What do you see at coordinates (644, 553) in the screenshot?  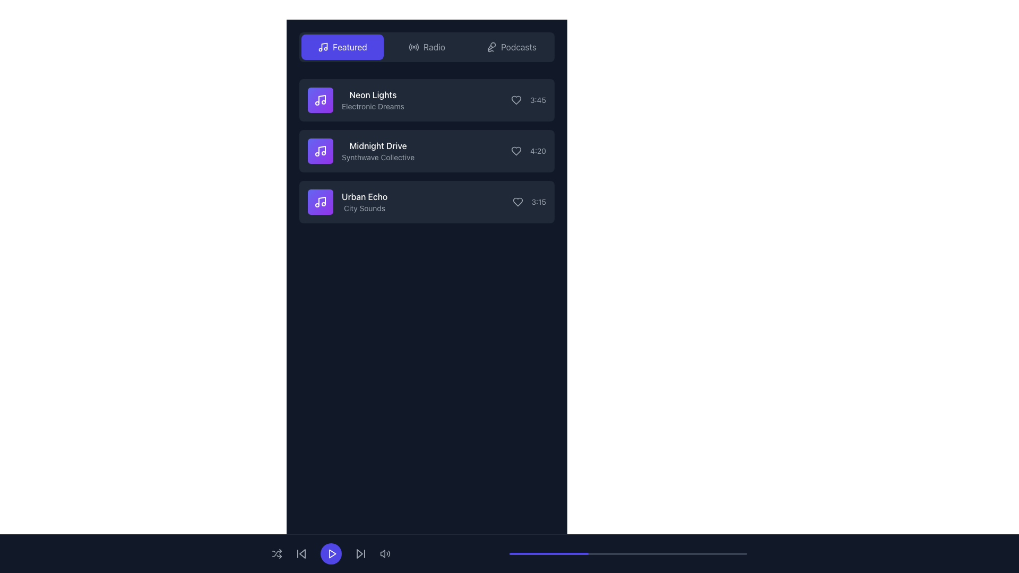 I see `progress` at bounding box center [644, 553].